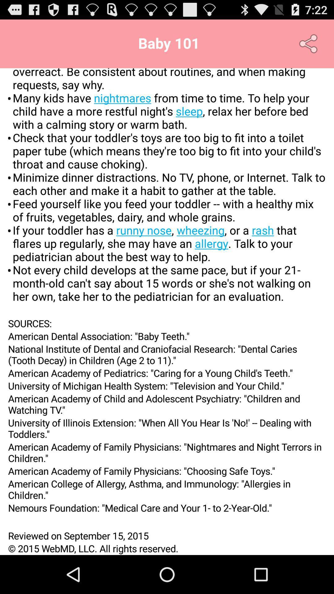 The image size is (334, 594). Describe the element at coordinates (167, 323) in the screenshot. I see `the sources: item` at that location.